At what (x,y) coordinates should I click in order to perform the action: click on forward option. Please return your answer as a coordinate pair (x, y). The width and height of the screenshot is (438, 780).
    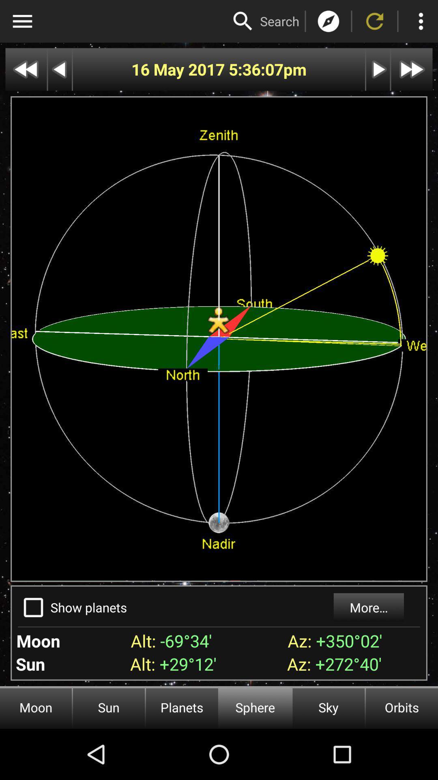
    Looking at the image, I should click on (412, 69).